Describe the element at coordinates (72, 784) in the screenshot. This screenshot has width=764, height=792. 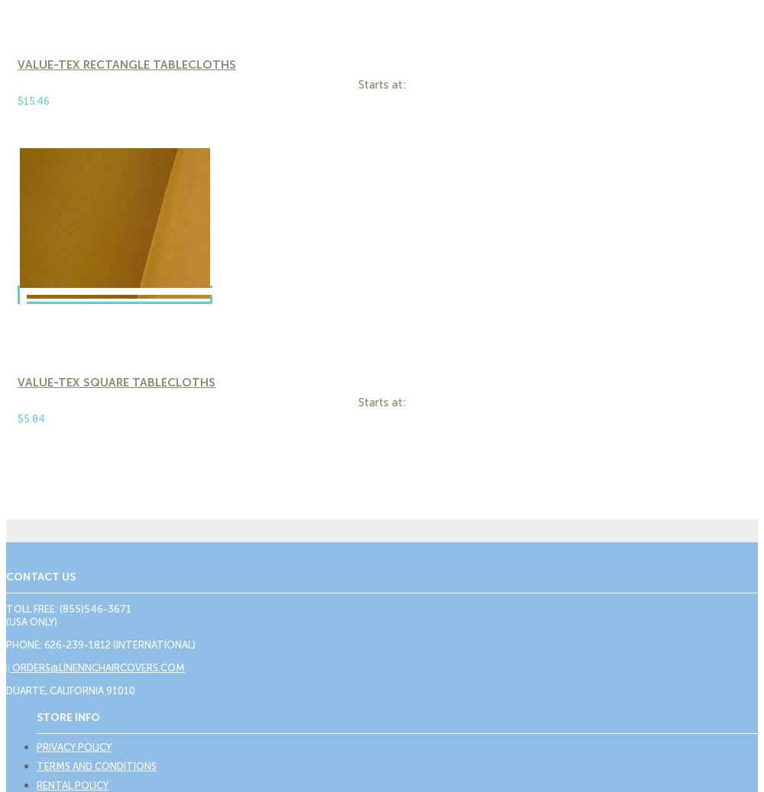
I see `'Rental Policy'` at that location.